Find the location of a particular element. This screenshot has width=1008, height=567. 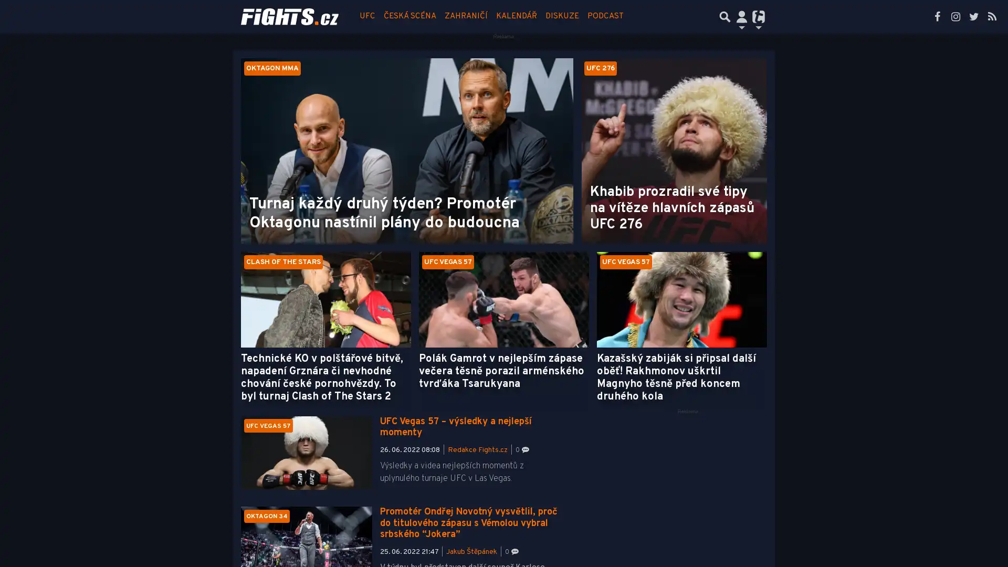

Prepnout navigaci is located at coordinates (741, 16).